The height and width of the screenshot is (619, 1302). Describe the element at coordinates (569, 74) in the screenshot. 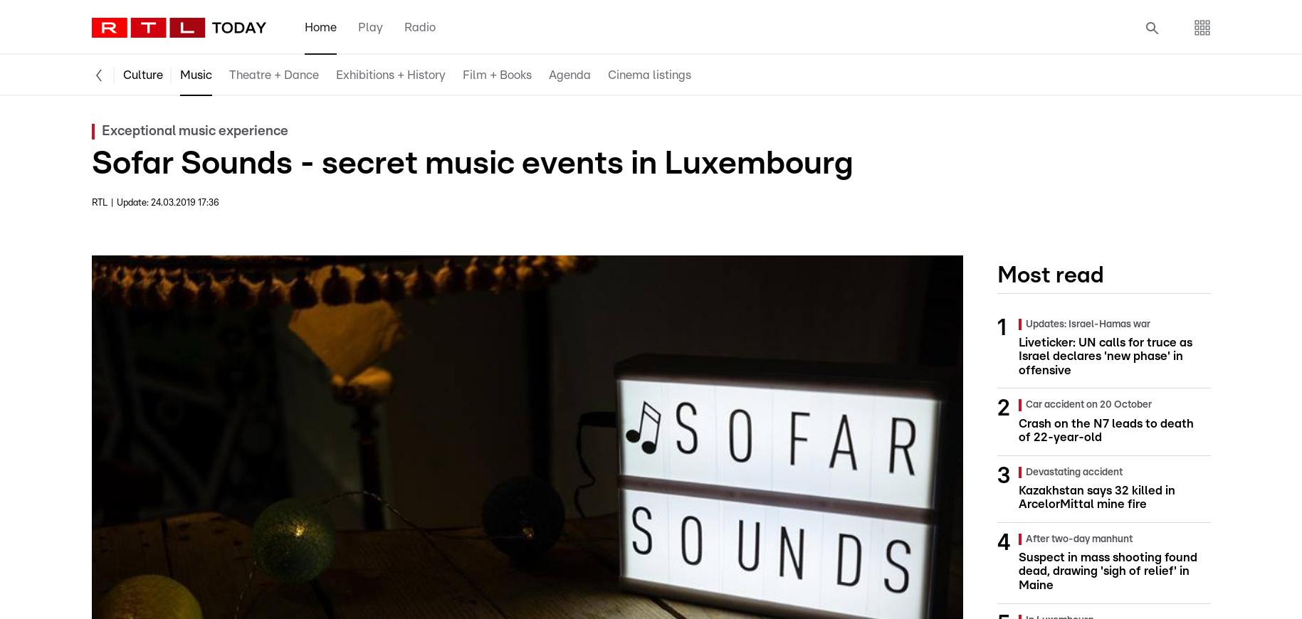

I see `'Agenda'` at that location.